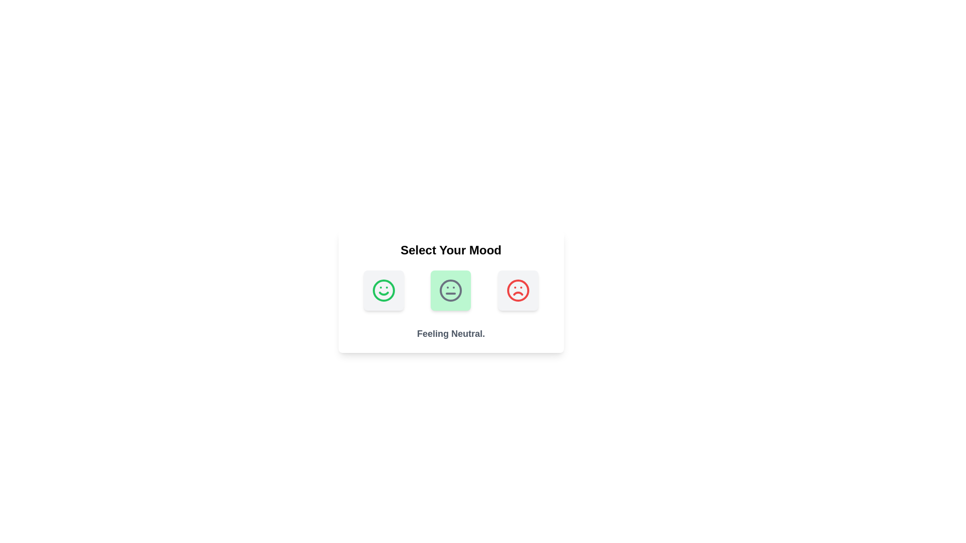 This screenshot has width=966, height=543. What do you see at coordinates (450, 291) in the screenshot?
I see `the middle button with a neutral face icon, which is light green and located under the heading 'Select Your Mood.'` at bounding box center [450, 291].